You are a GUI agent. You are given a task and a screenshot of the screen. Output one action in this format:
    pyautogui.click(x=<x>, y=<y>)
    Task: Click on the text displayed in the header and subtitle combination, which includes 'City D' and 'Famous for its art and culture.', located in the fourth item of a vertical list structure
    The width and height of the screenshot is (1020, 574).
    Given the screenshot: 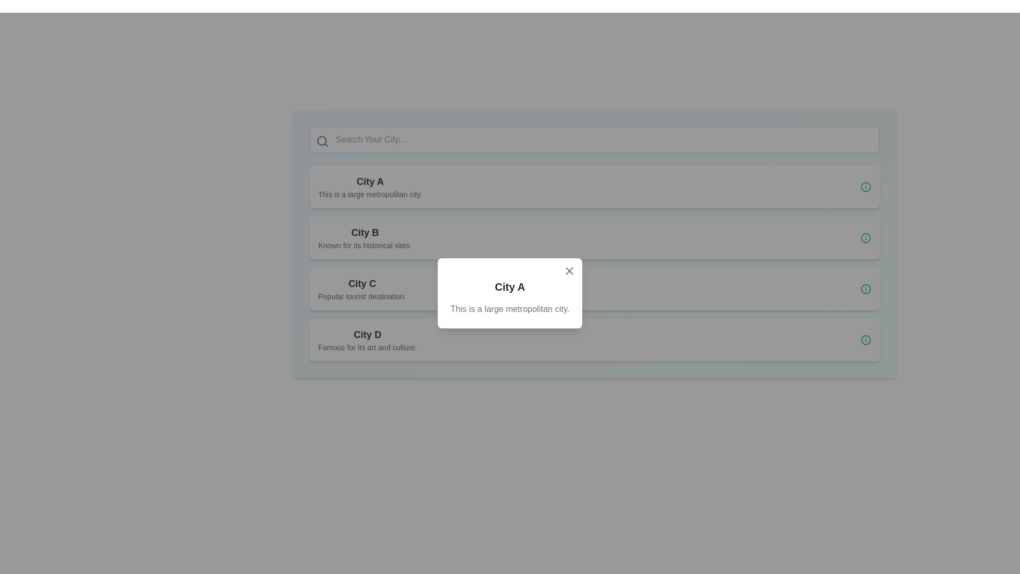 What is the action you would take?
    pyautogui.click(x=367, y=340)
    